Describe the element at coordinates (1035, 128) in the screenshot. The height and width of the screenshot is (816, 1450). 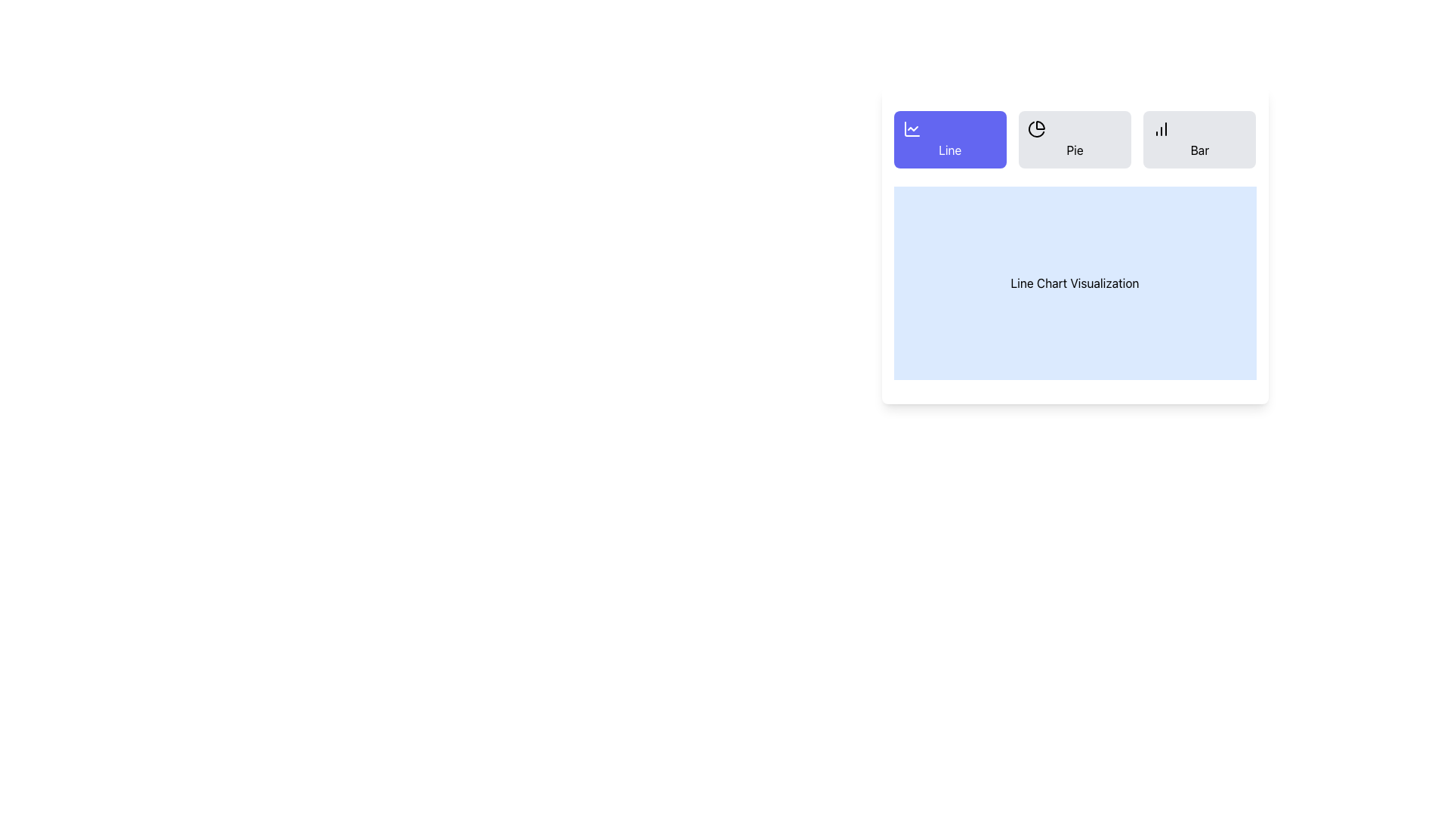
I see `the 'Pie' chart selection icon, which is the middle button in the row of chart selection buttons at the top of the interface` at that location.